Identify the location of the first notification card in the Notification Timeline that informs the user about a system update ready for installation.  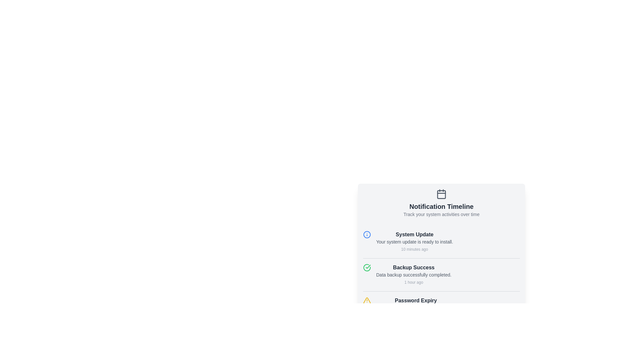
(442, 242).